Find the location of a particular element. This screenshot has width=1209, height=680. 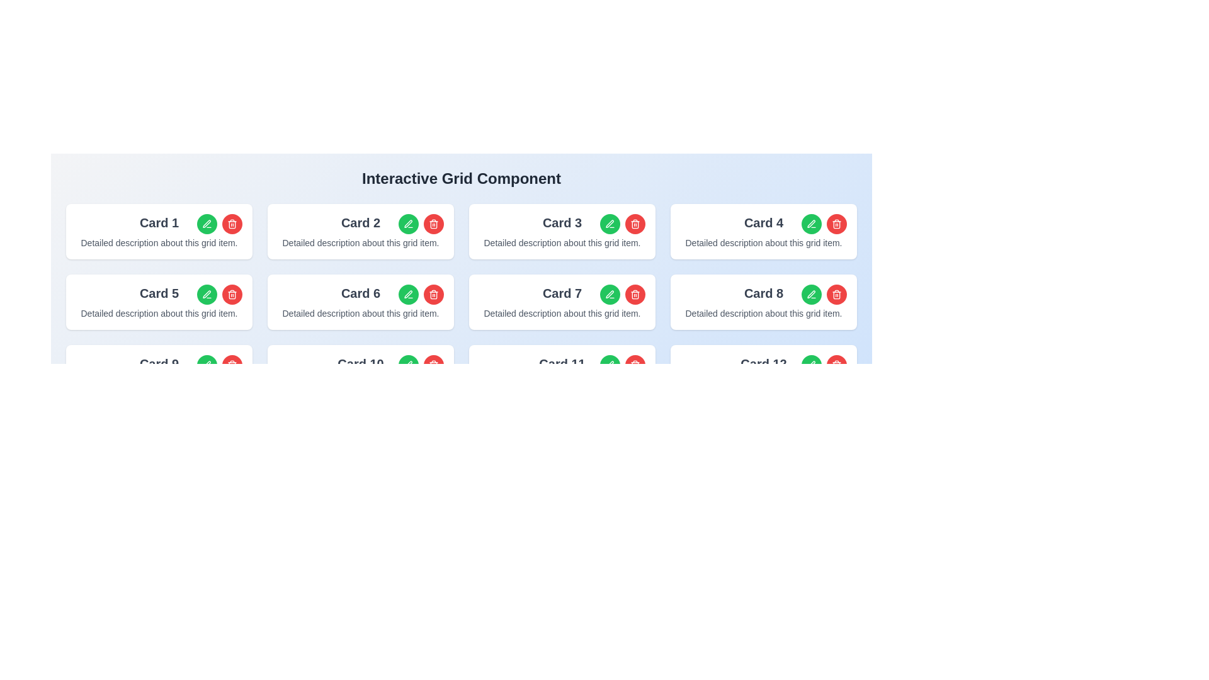

the descriptive text block located under 'Card 8' in the third row of the grid layout is located at coordinates (763, 312).